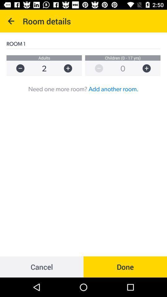 This screenshot has width=167, height=297. Describe the element at coordinates (125, 266) in the screenshot. I see `the icon next to the cancel item` at that location.